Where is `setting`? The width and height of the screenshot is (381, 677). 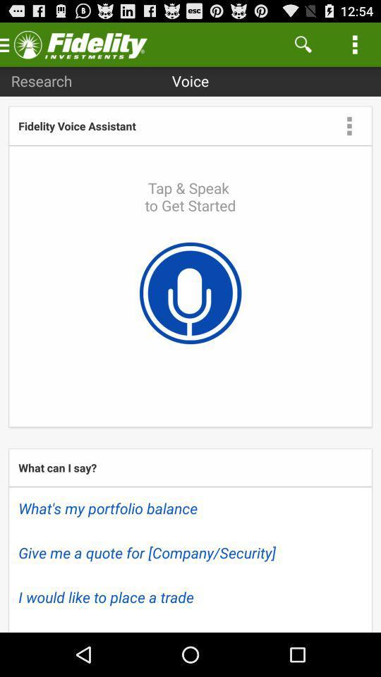
setting is located at coordinates (349, 125).